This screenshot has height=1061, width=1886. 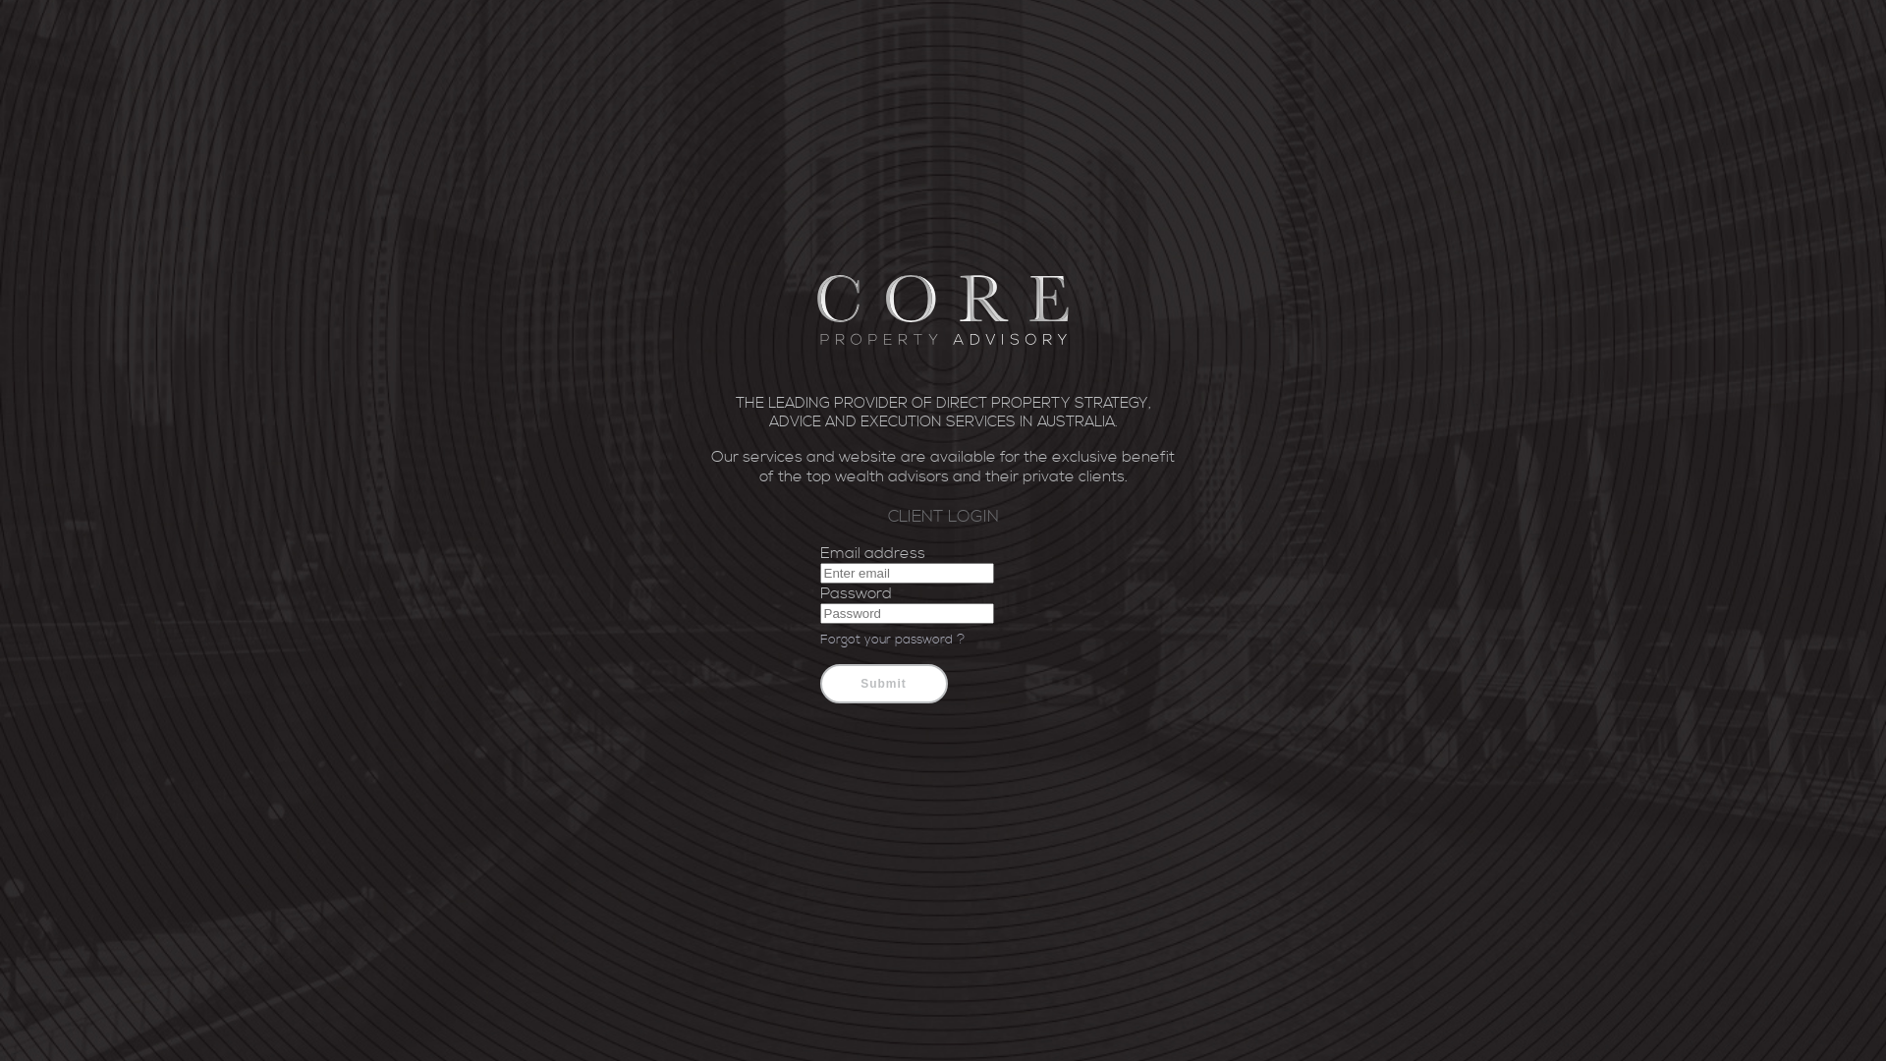 I want to click on 'Forgot your password ?', so click(x=890, y=640).